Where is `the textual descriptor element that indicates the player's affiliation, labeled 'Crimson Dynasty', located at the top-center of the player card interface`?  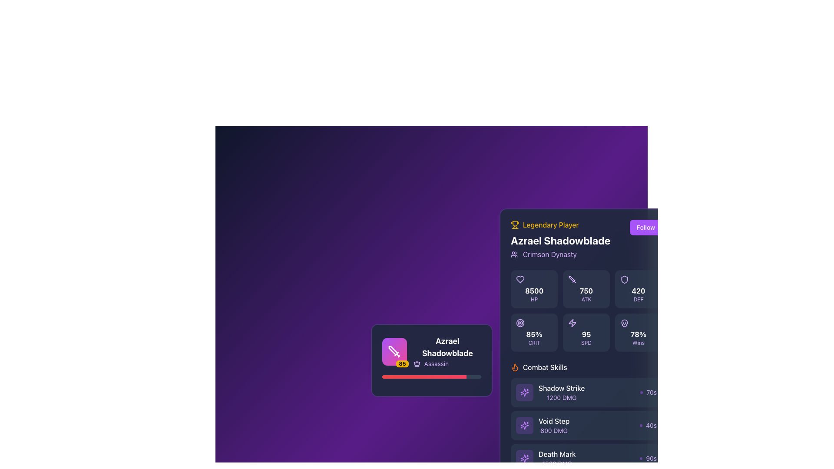
the textual descriptor element that indicates the player's affiliation, labeled 'Crimson Dynasty', located at the top-center of the player card interface is located at coordinates (549, 254).